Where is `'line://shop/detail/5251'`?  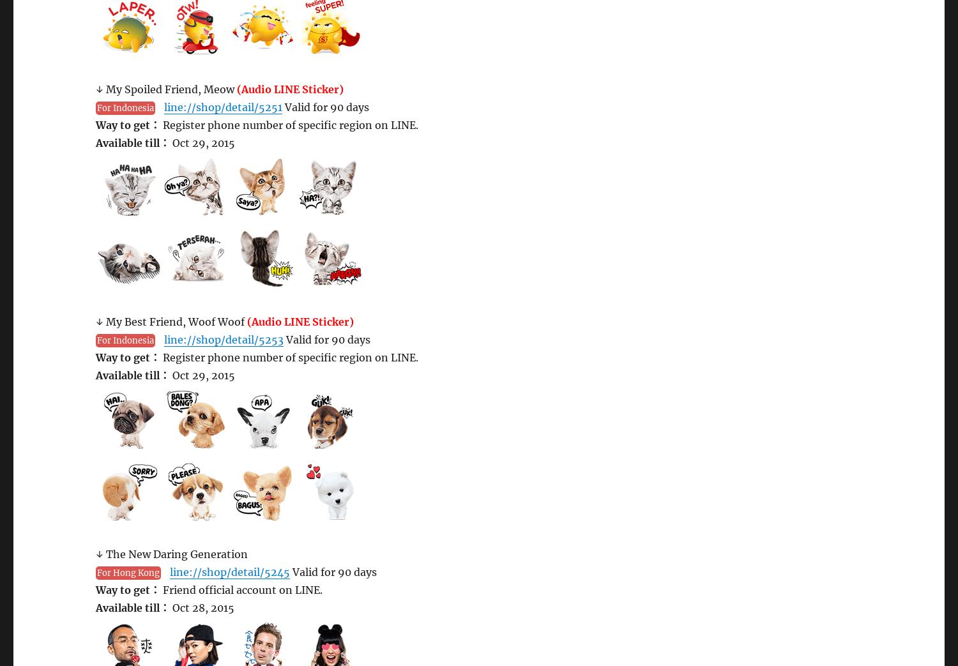
'line://shop/detail/5251' is located at coordinates (222, 107).